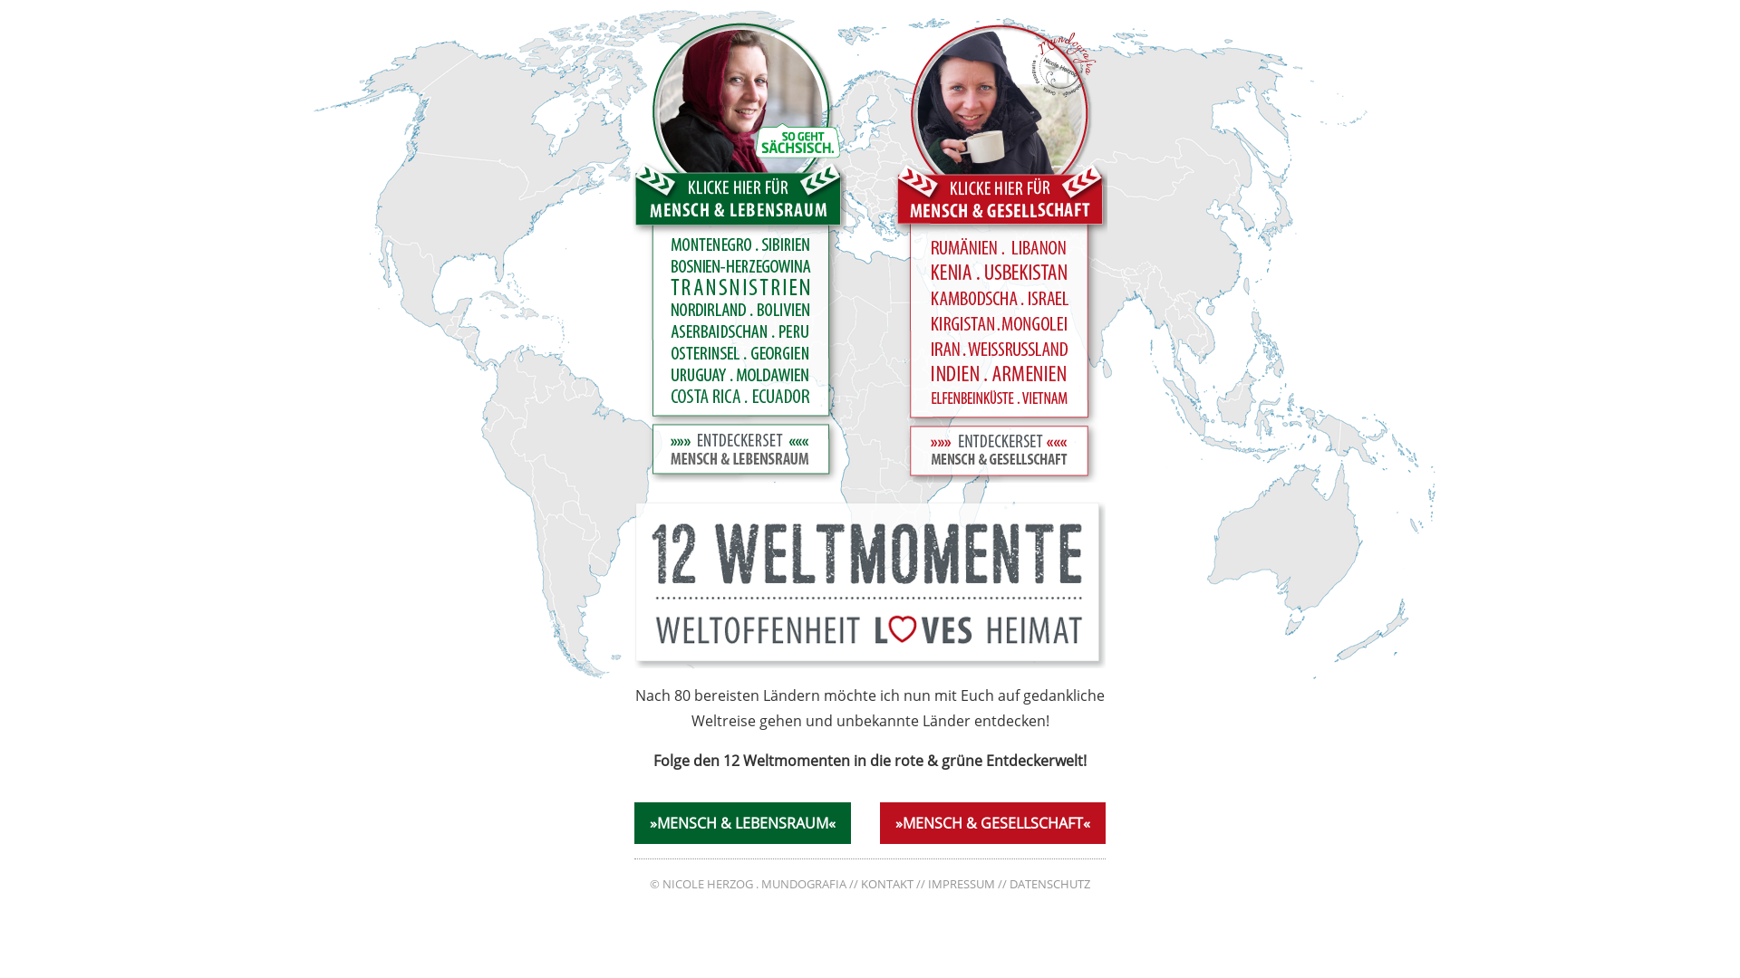  Describe the element at coordinates (887, 883) in the screenshot. I see `'KONTAKT'` at that location.